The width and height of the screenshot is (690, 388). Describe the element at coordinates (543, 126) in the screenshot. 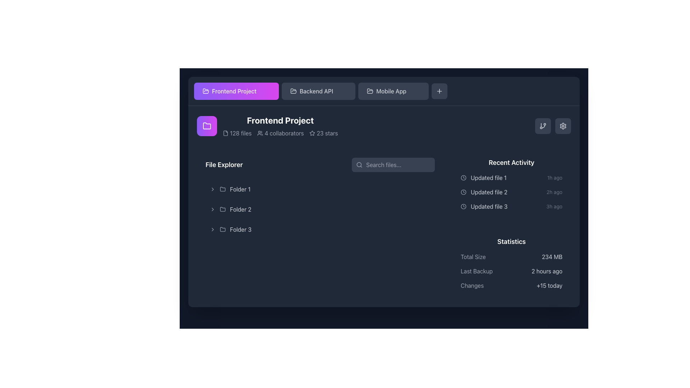

I see `the interactive button located in the top-right corner of the interface, which is the first button in a pair, positioned left of the settings icon, and focus on it using keyboard navigation` at that location.